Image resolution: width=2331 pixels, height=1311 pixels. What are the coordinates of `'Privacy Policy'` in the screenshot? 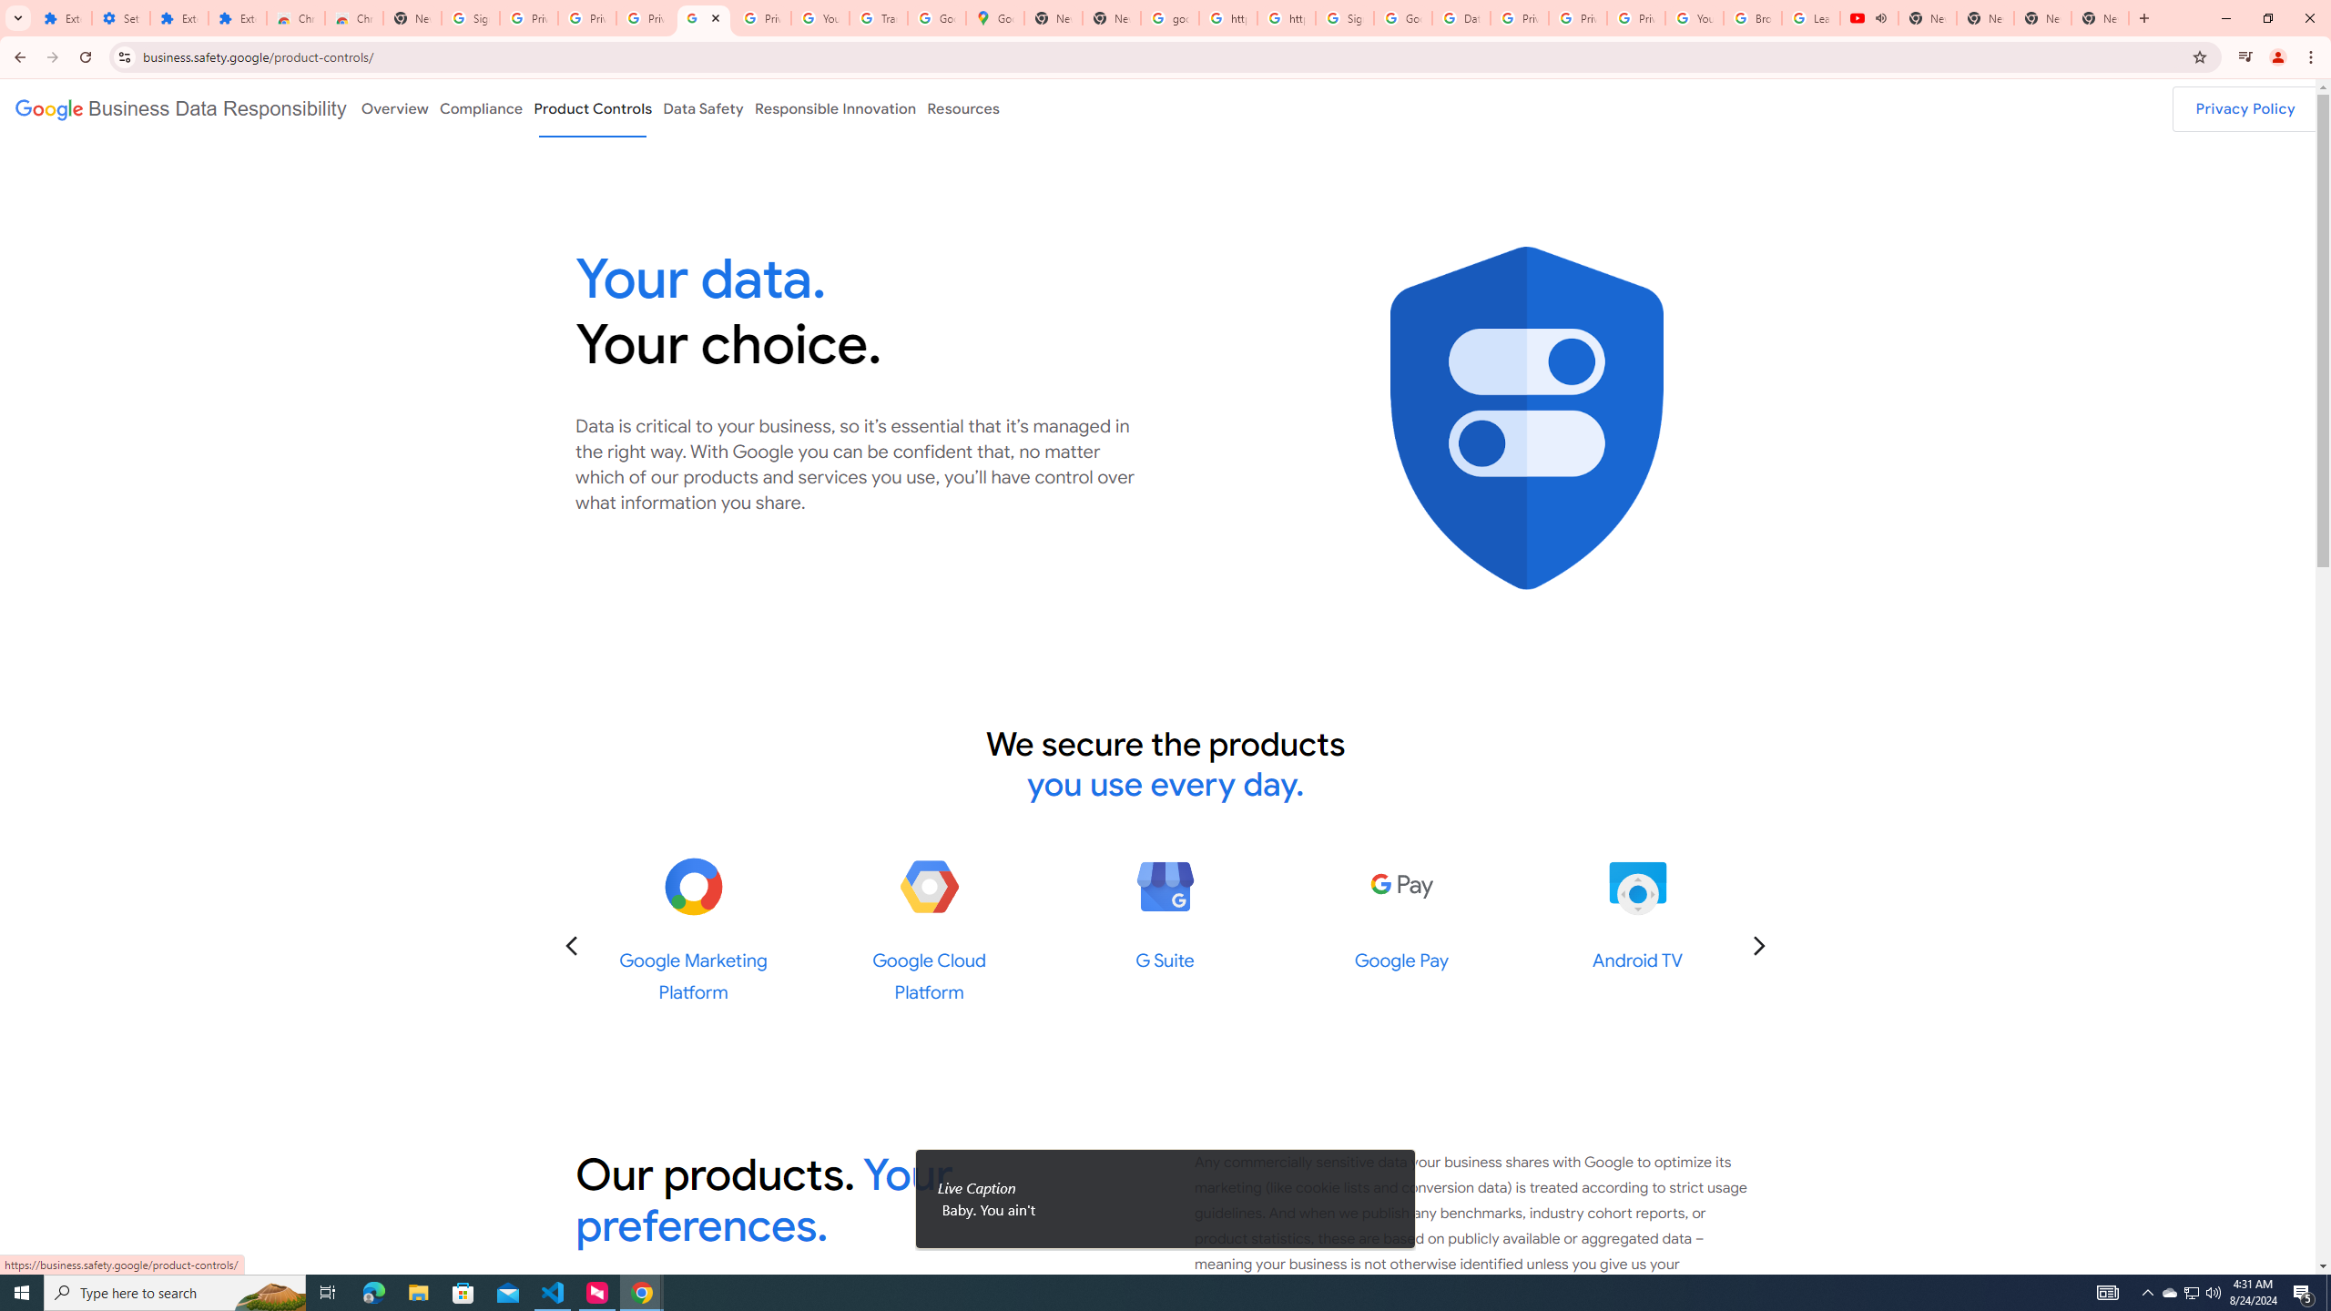 It's located at (2245, 108).